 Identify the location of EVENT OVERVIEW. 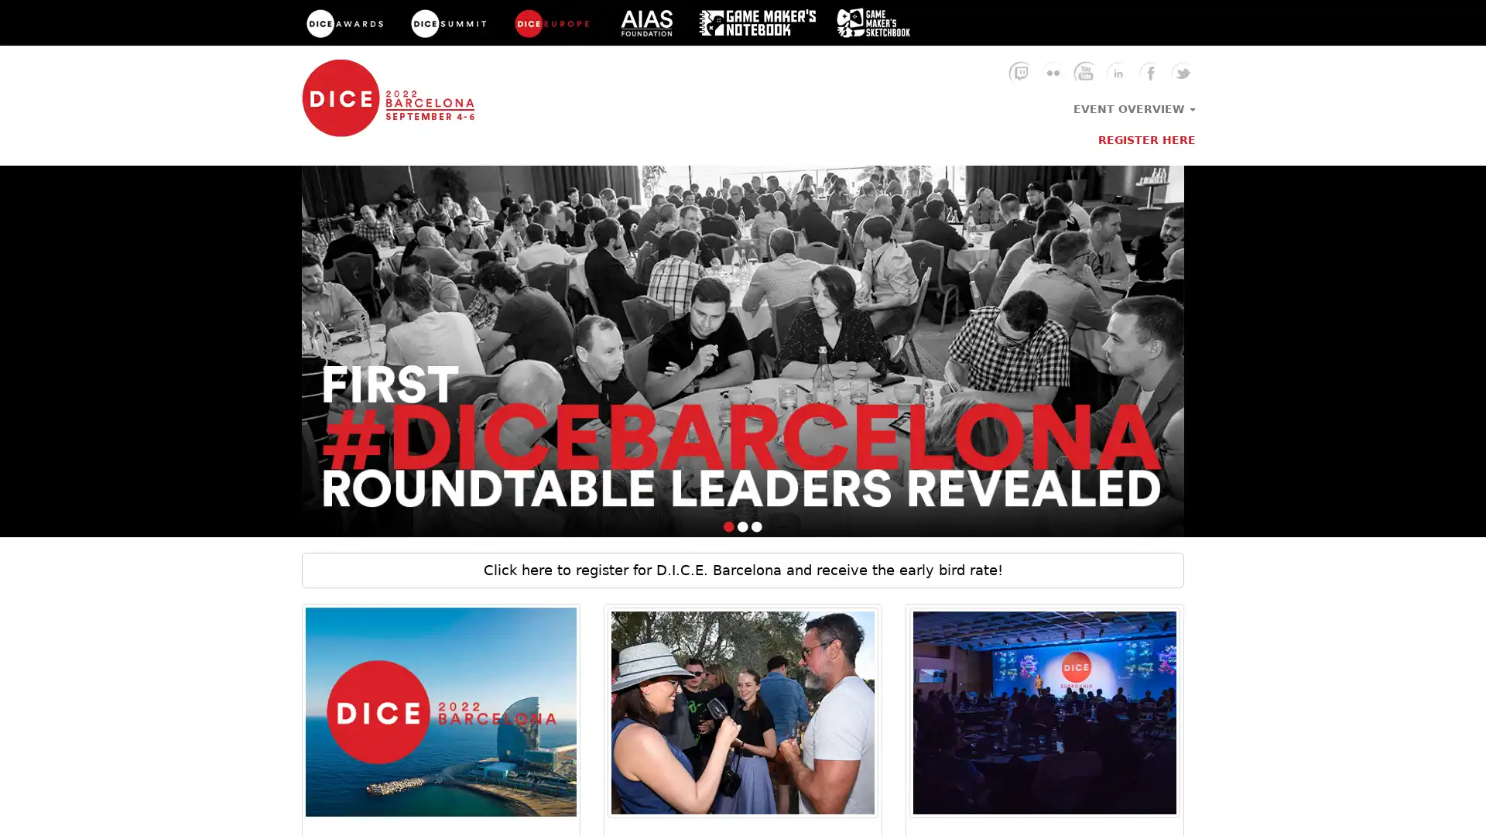
(1134, 108).